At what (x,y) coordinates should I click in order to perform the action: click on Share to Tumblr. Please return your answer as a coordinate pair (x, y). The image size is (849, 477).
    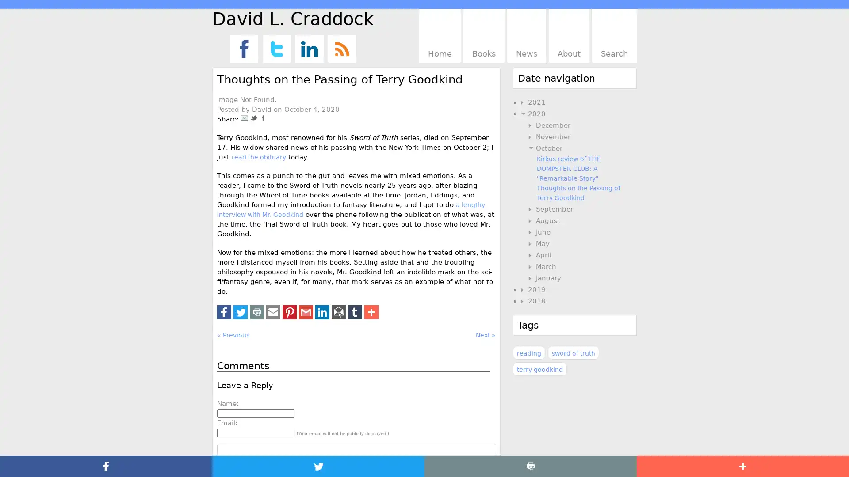
    Looking at the image, I should click on (355, 311).